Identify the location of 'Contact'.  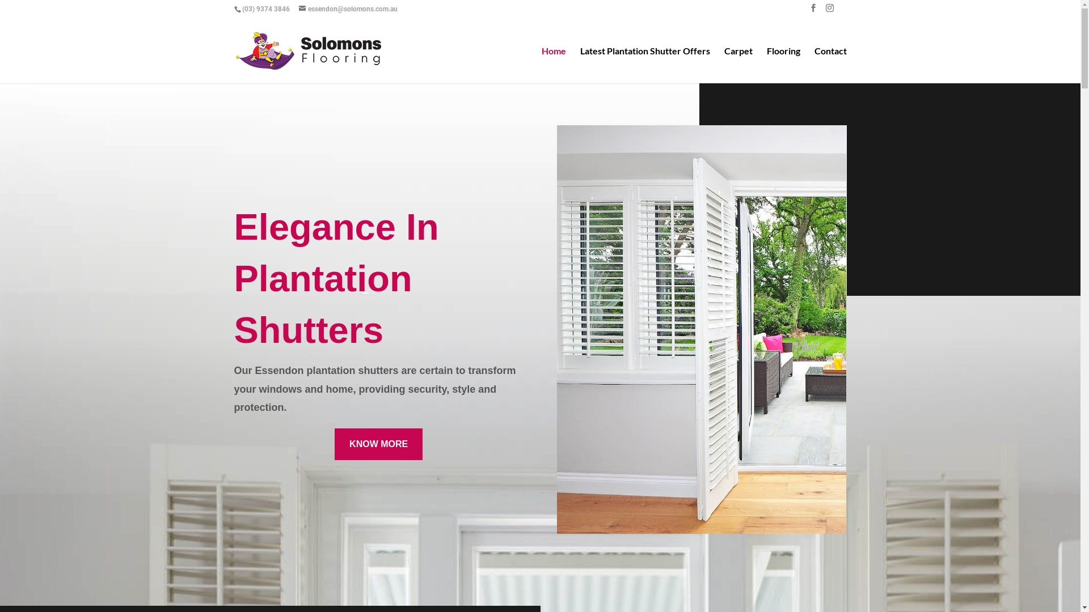
(830, 65).